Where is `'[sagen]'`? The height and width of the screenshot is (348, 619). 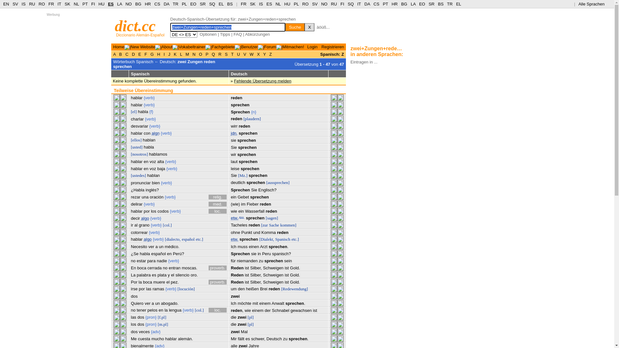
'[sagen]' is located at coordinates (272, 217).